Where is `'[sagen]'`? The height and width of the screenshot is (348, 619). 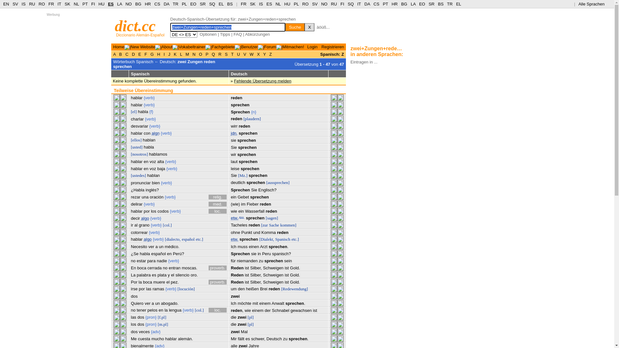
'[sagen]' is located at coordinates (272, 217).